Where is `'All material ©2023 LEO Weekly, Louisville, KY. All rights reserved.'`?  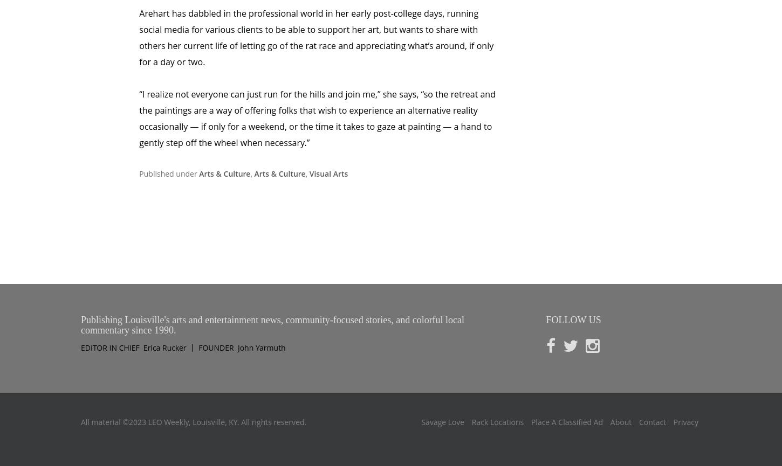
'All material ©2023 LEO Weekly, Louisville, KY. All rights reserved.' is located at coordinates (80, 376).